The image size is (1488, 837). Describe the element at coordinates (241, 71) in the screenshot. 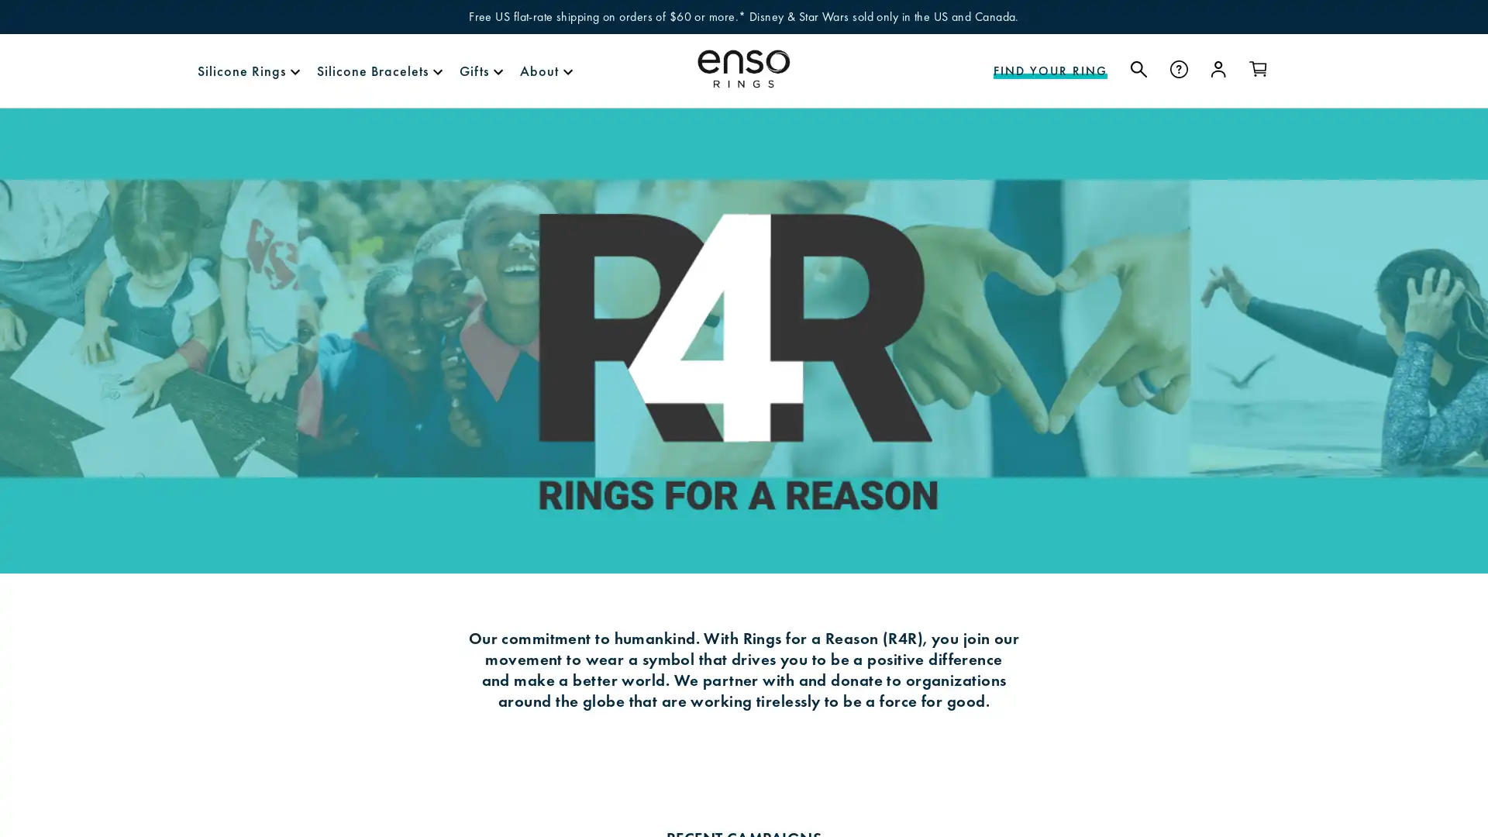

I see `Silicone Rings` at that location.